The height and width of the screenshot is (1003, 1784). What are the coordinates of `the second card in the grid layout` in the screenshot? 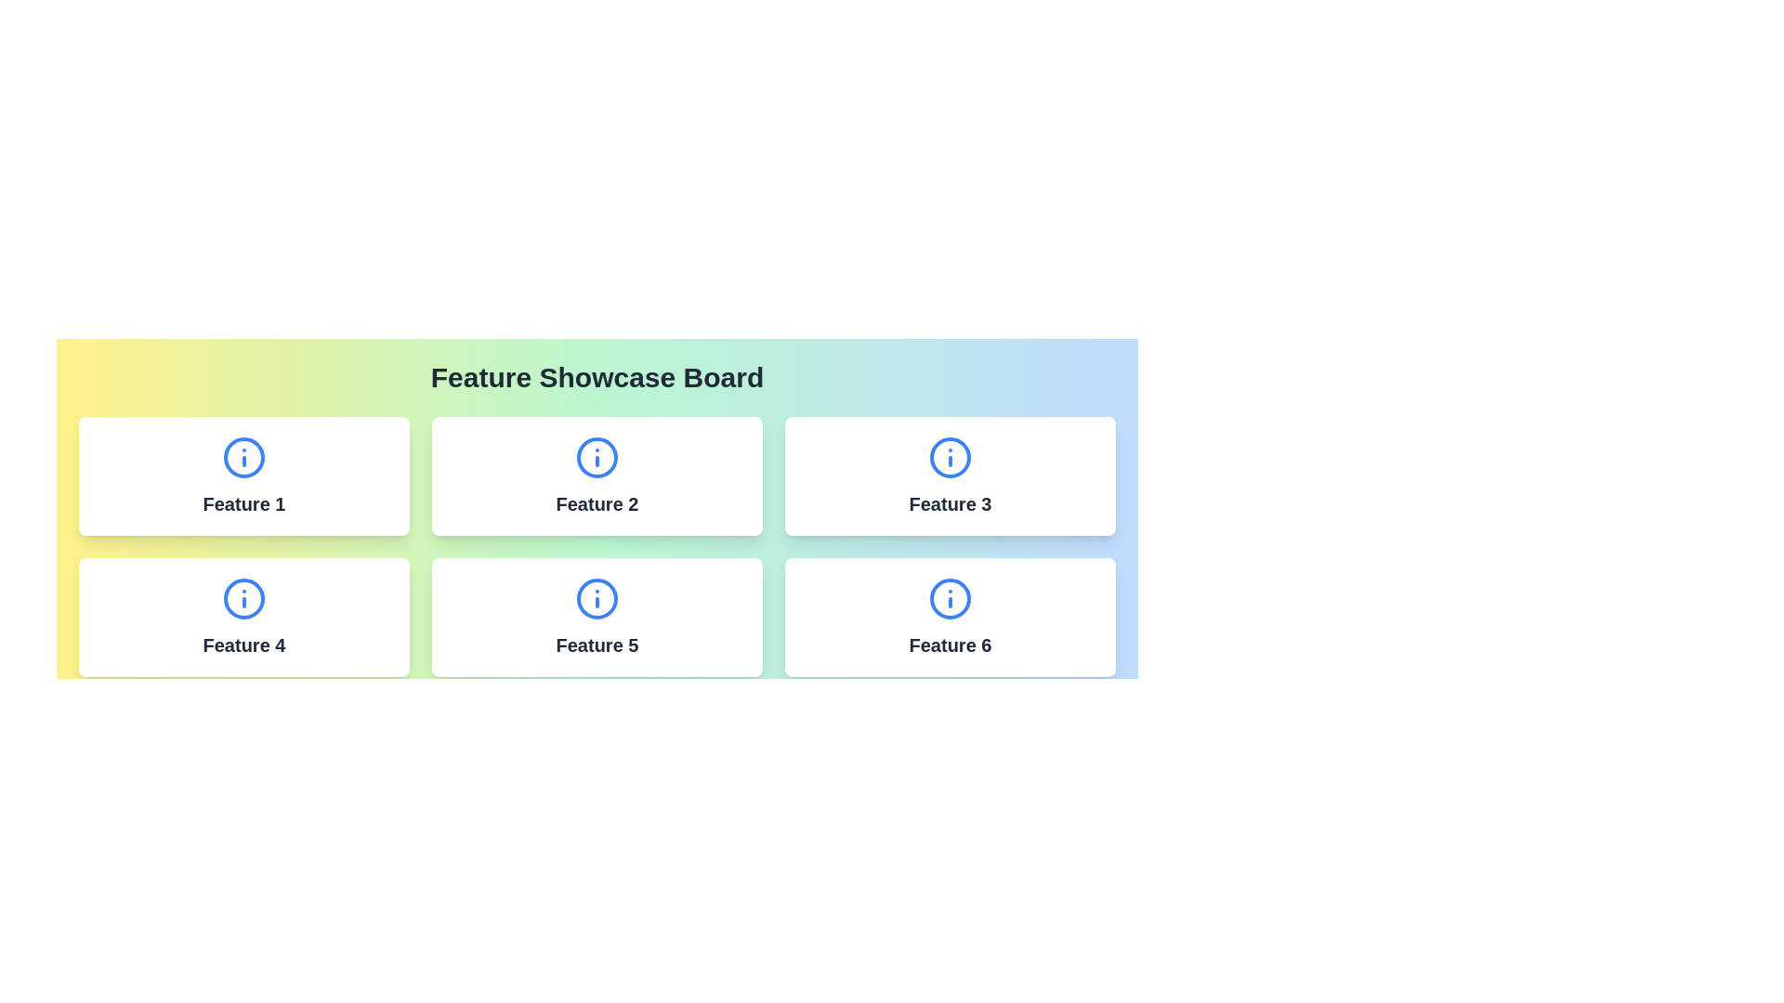 It's located at (597, 475).